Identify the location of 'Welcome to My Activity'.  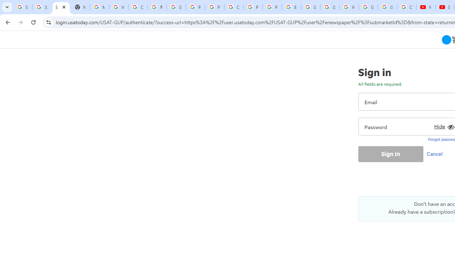
(349, 7).